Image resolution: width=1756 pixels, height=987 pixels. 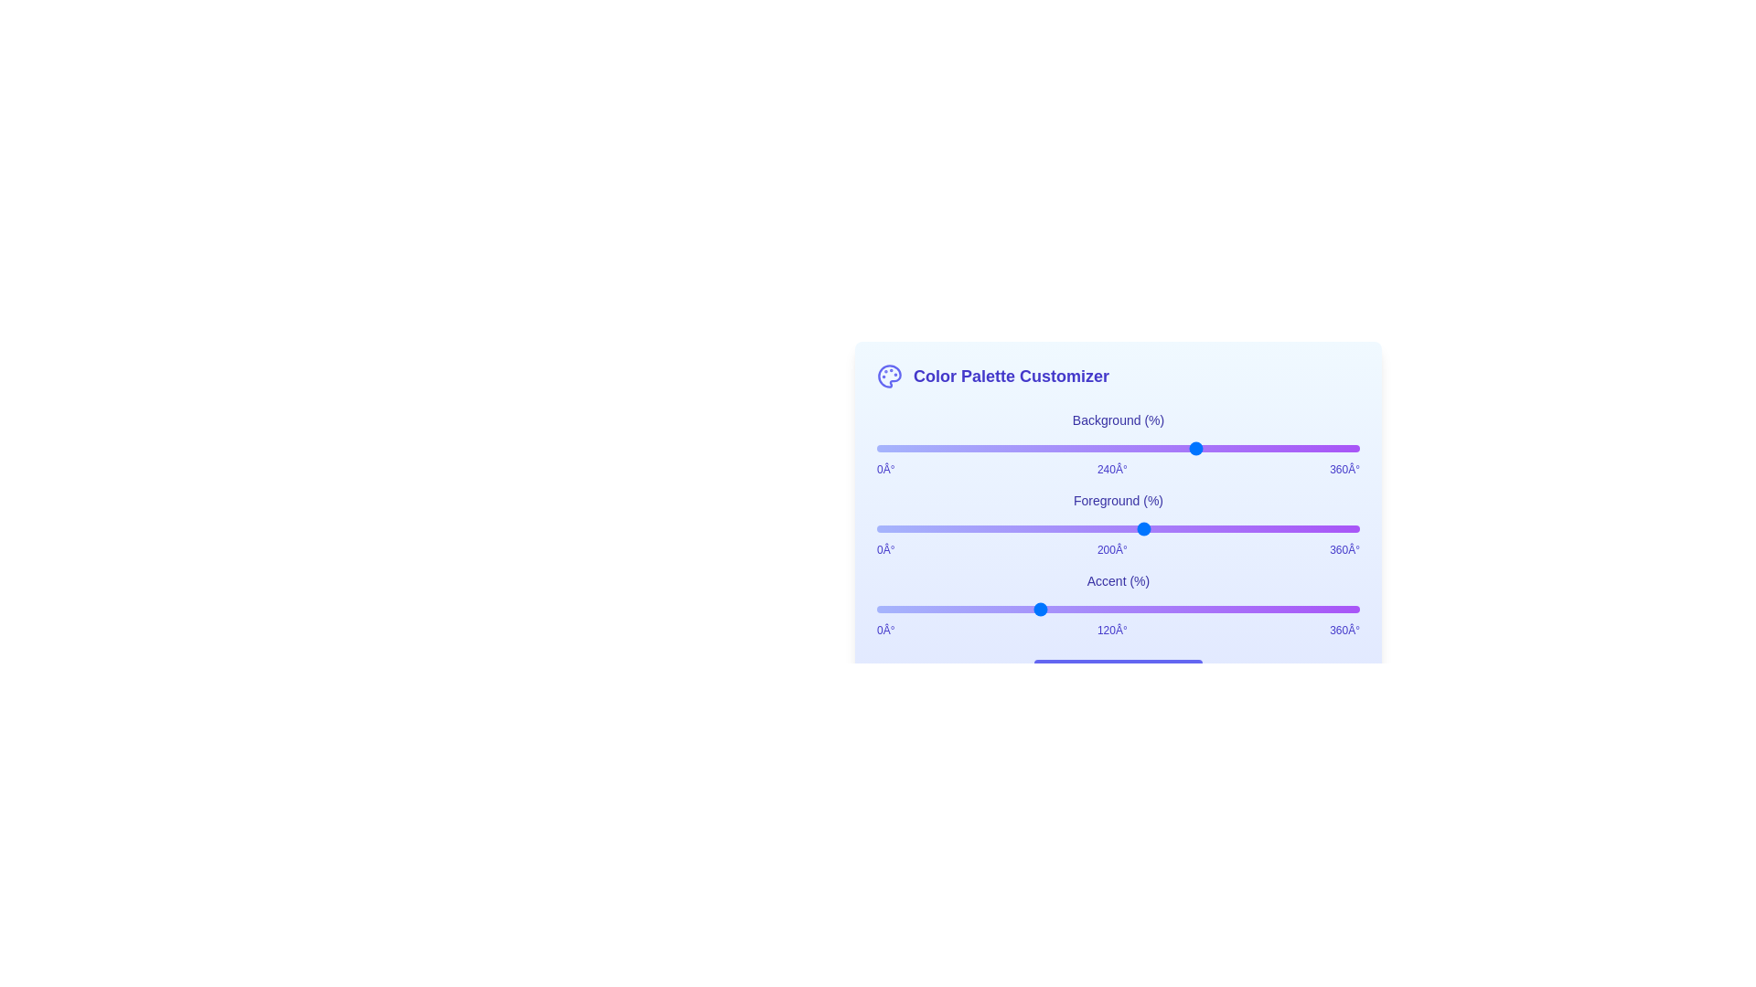 I want to click on the background color slider to set the hue to 256 degrees, so click(x=1220, y=448).